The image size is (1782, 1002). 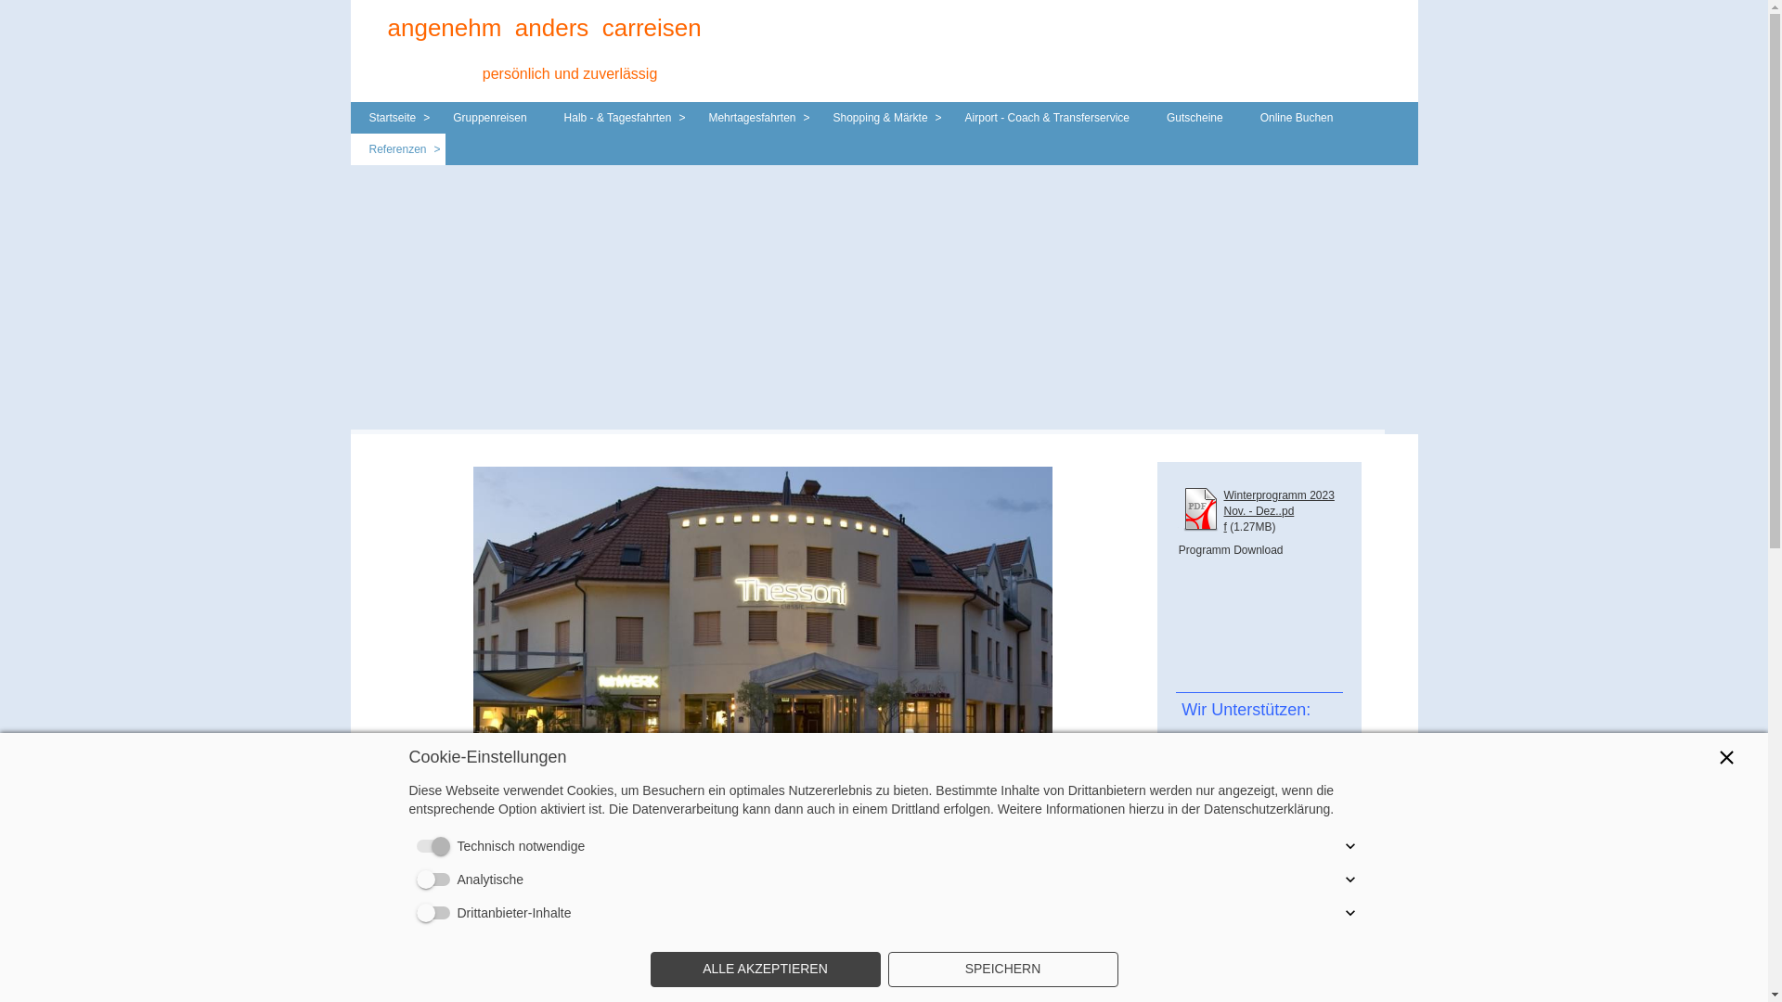 I want to click on 'Airport - Coach & Transferservice', so click(x=1047, y=118).